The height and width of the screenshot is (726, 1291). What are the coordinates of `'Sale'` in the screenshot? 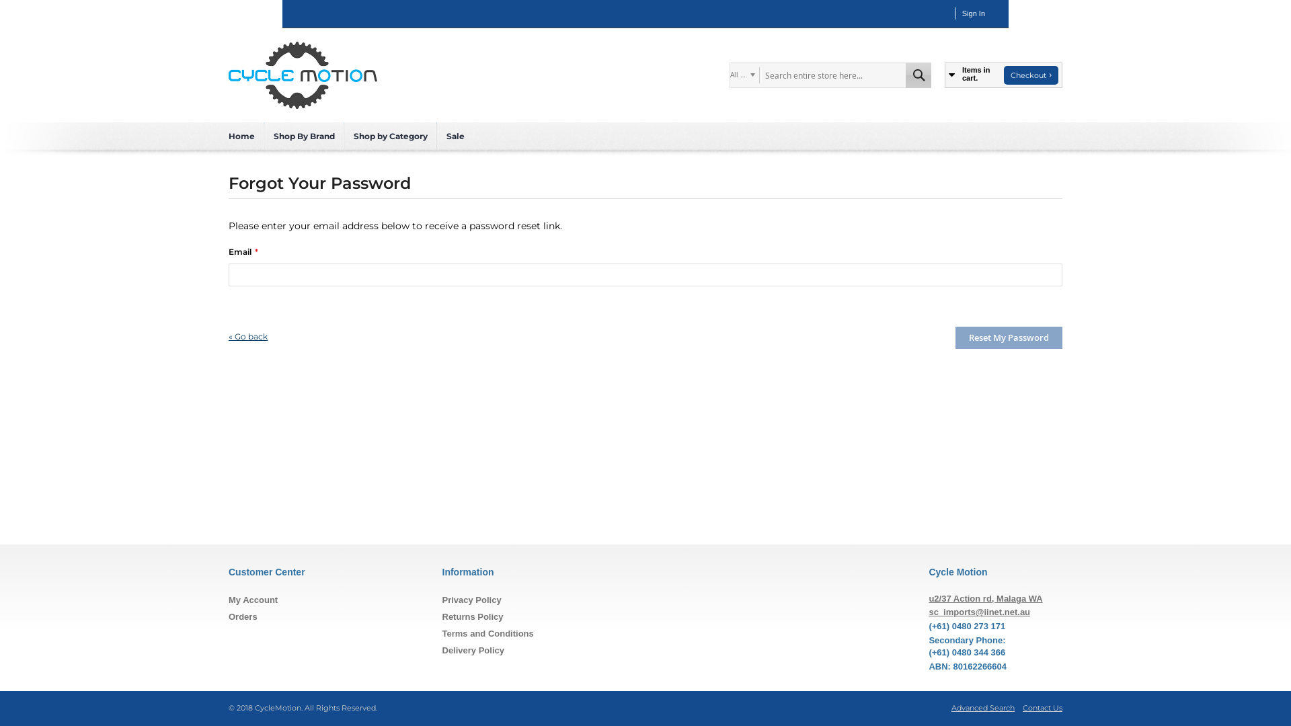 It's located at (455, 136).